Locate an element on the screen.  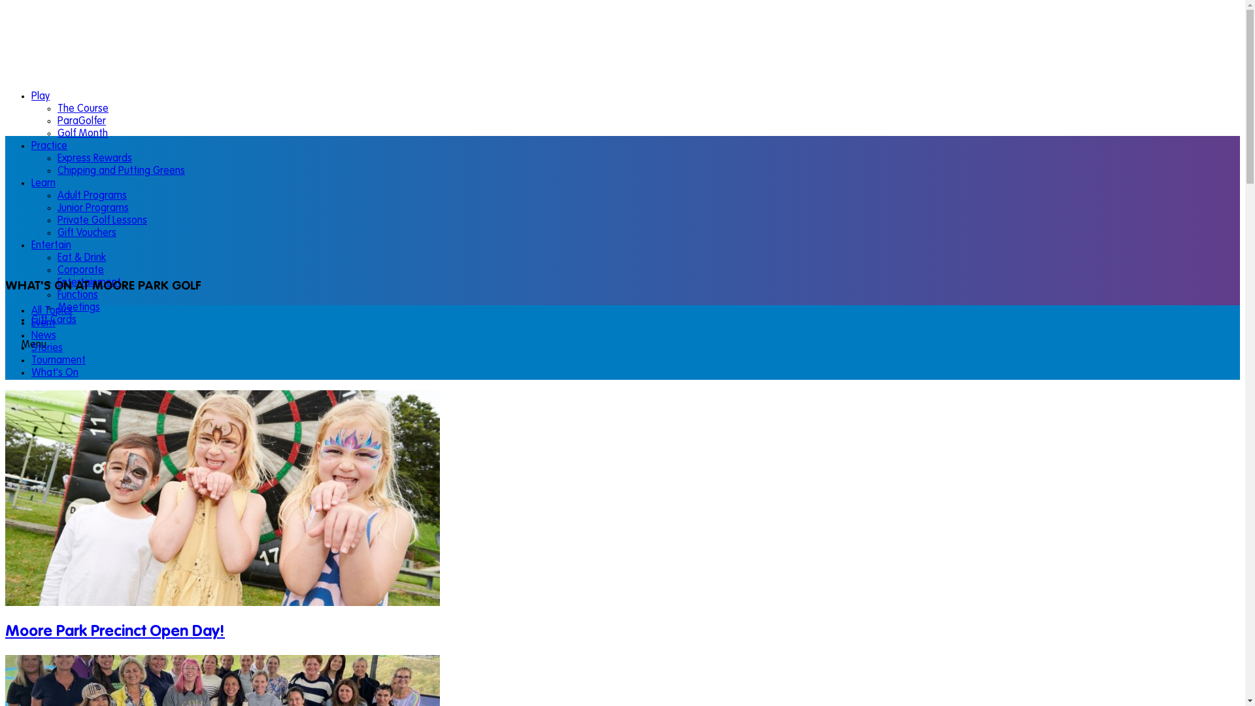
'Junior Programs' is located at coordinates (92, 208).